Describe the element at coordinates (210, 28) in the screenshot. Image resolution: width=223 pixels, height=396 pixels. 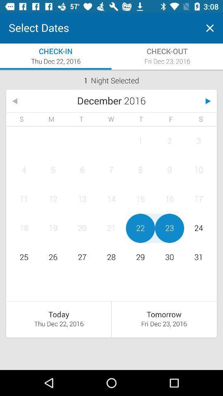
I see `the tab` at that location.